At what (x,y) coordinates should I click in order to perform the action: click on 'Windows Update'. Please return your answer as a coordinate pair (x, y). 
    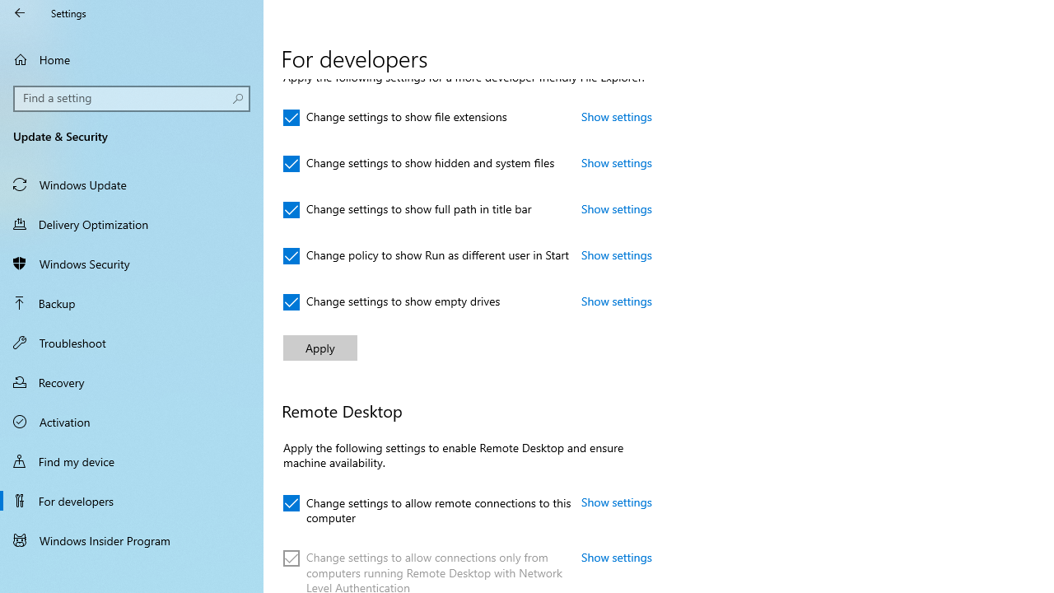
    Looking at the image, I should click on (132, 184).